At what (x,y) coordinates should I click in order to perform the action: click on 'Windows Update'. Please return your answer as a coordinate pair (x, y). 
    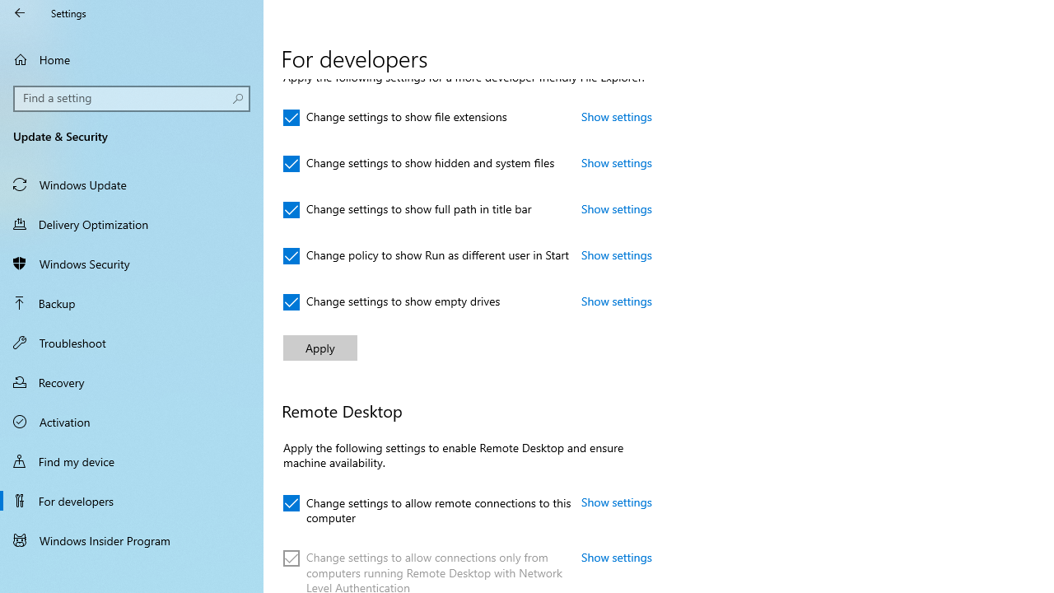
    Looking at the image, I should click on (132, 184).